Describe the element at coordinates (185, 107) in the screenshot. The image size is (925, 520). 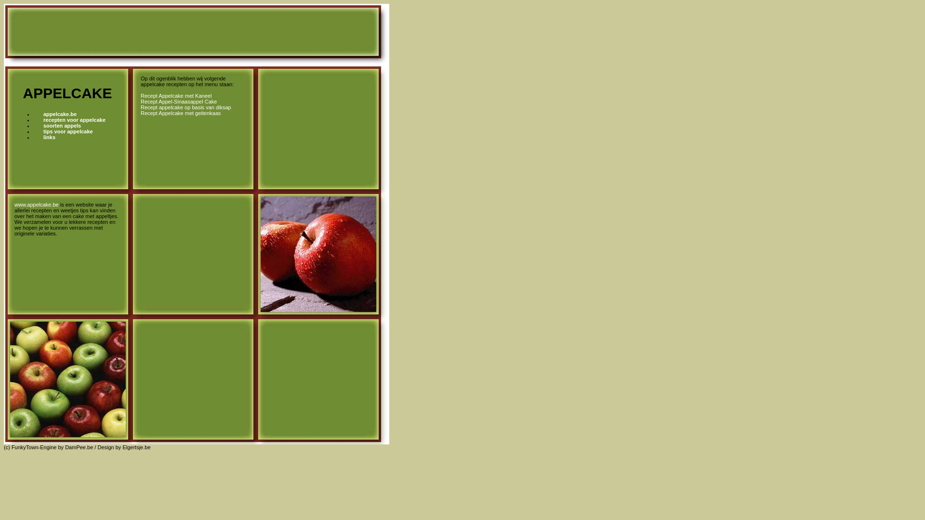
I see `'Recept appelcake op basis van diksap'` at that location.